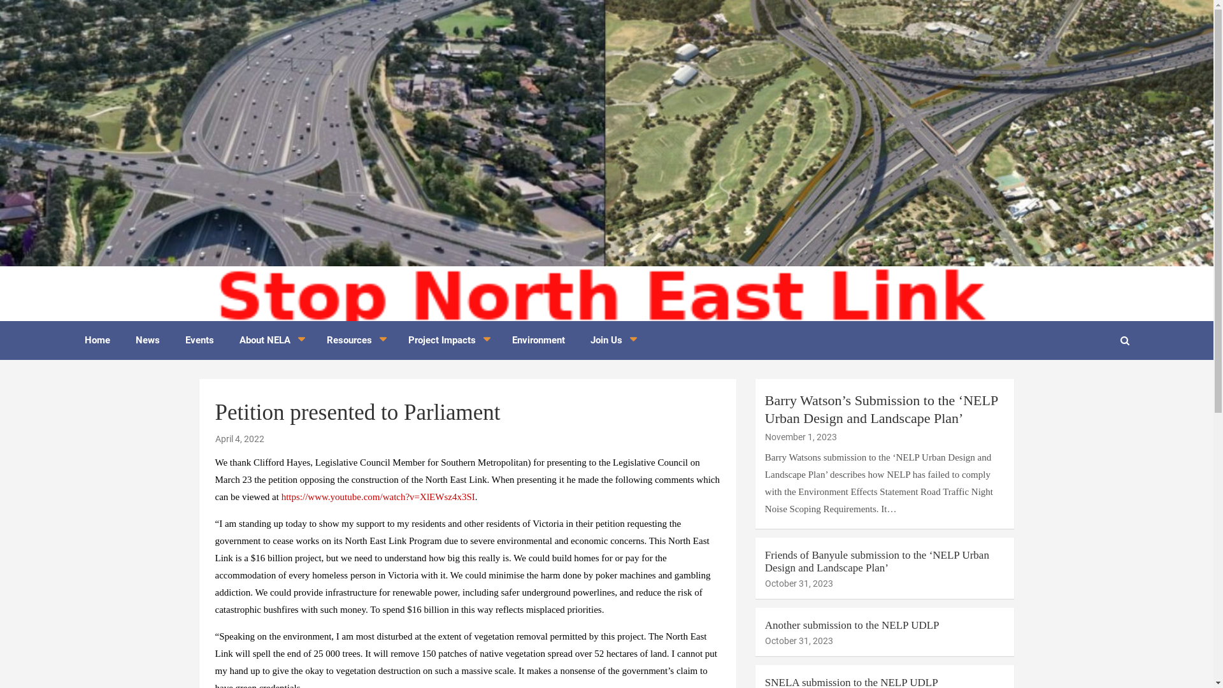 The width and height of the screenshot is (1223, 688). What do you see at coordinates (354, 340) in the screenshot?
I see `'Resources'` at bounding box center [354, 340].